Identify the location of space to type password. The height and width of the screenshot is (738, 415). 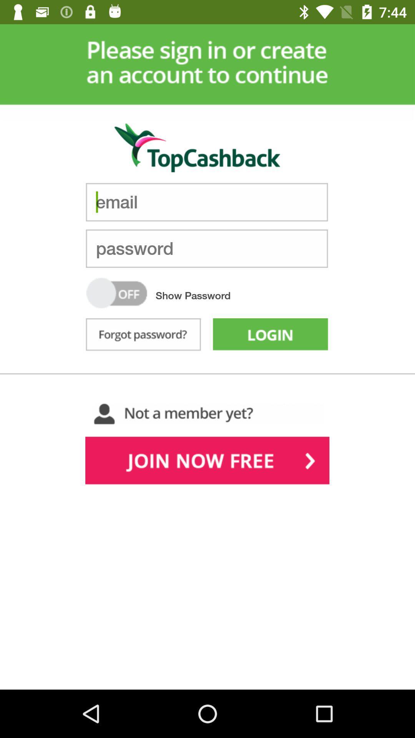
(206, 248).